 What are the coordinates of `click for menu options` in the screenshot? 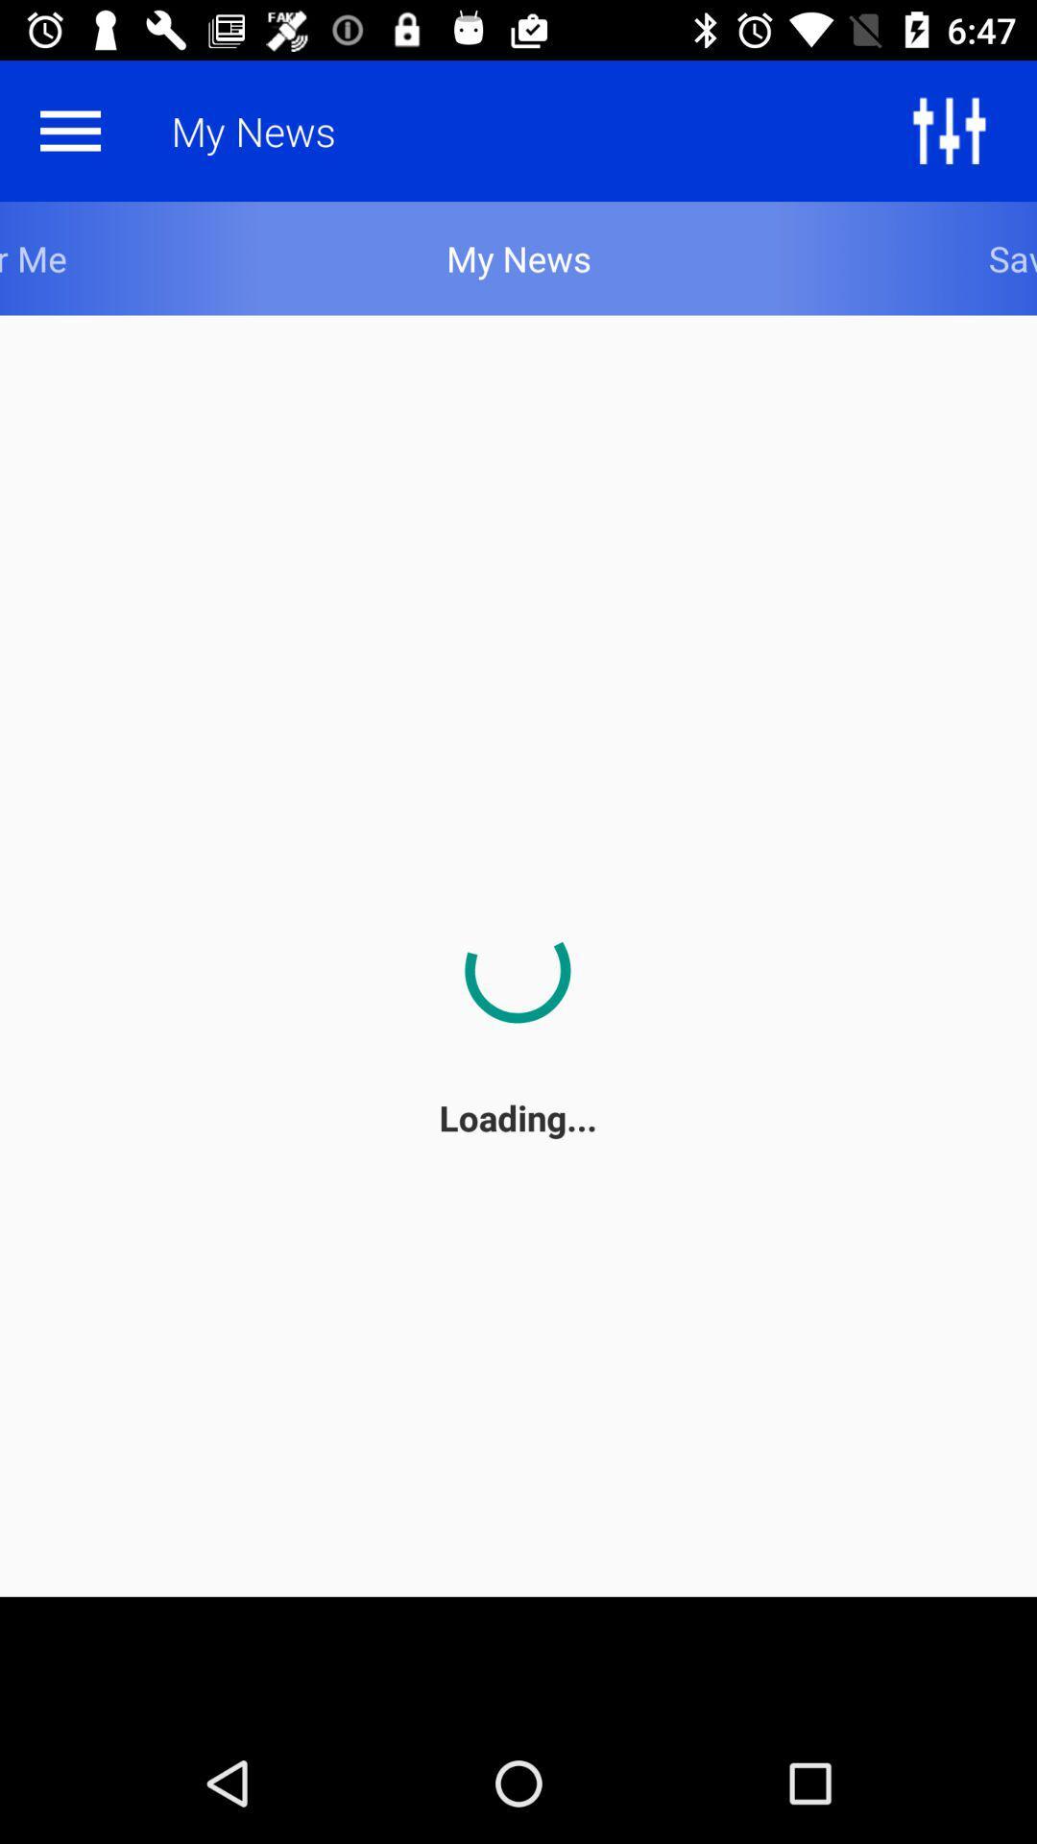 It's located at (69, 130).